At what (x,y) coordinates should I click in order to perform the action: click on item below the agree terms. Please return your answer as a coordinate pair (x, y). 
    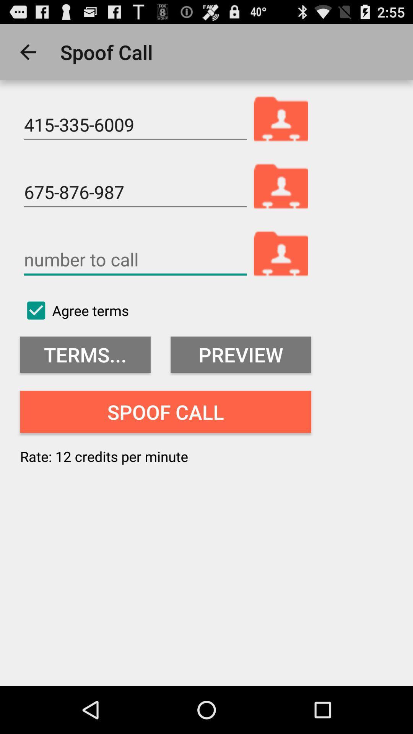
    Looking at the image, I should click on (85, 354).